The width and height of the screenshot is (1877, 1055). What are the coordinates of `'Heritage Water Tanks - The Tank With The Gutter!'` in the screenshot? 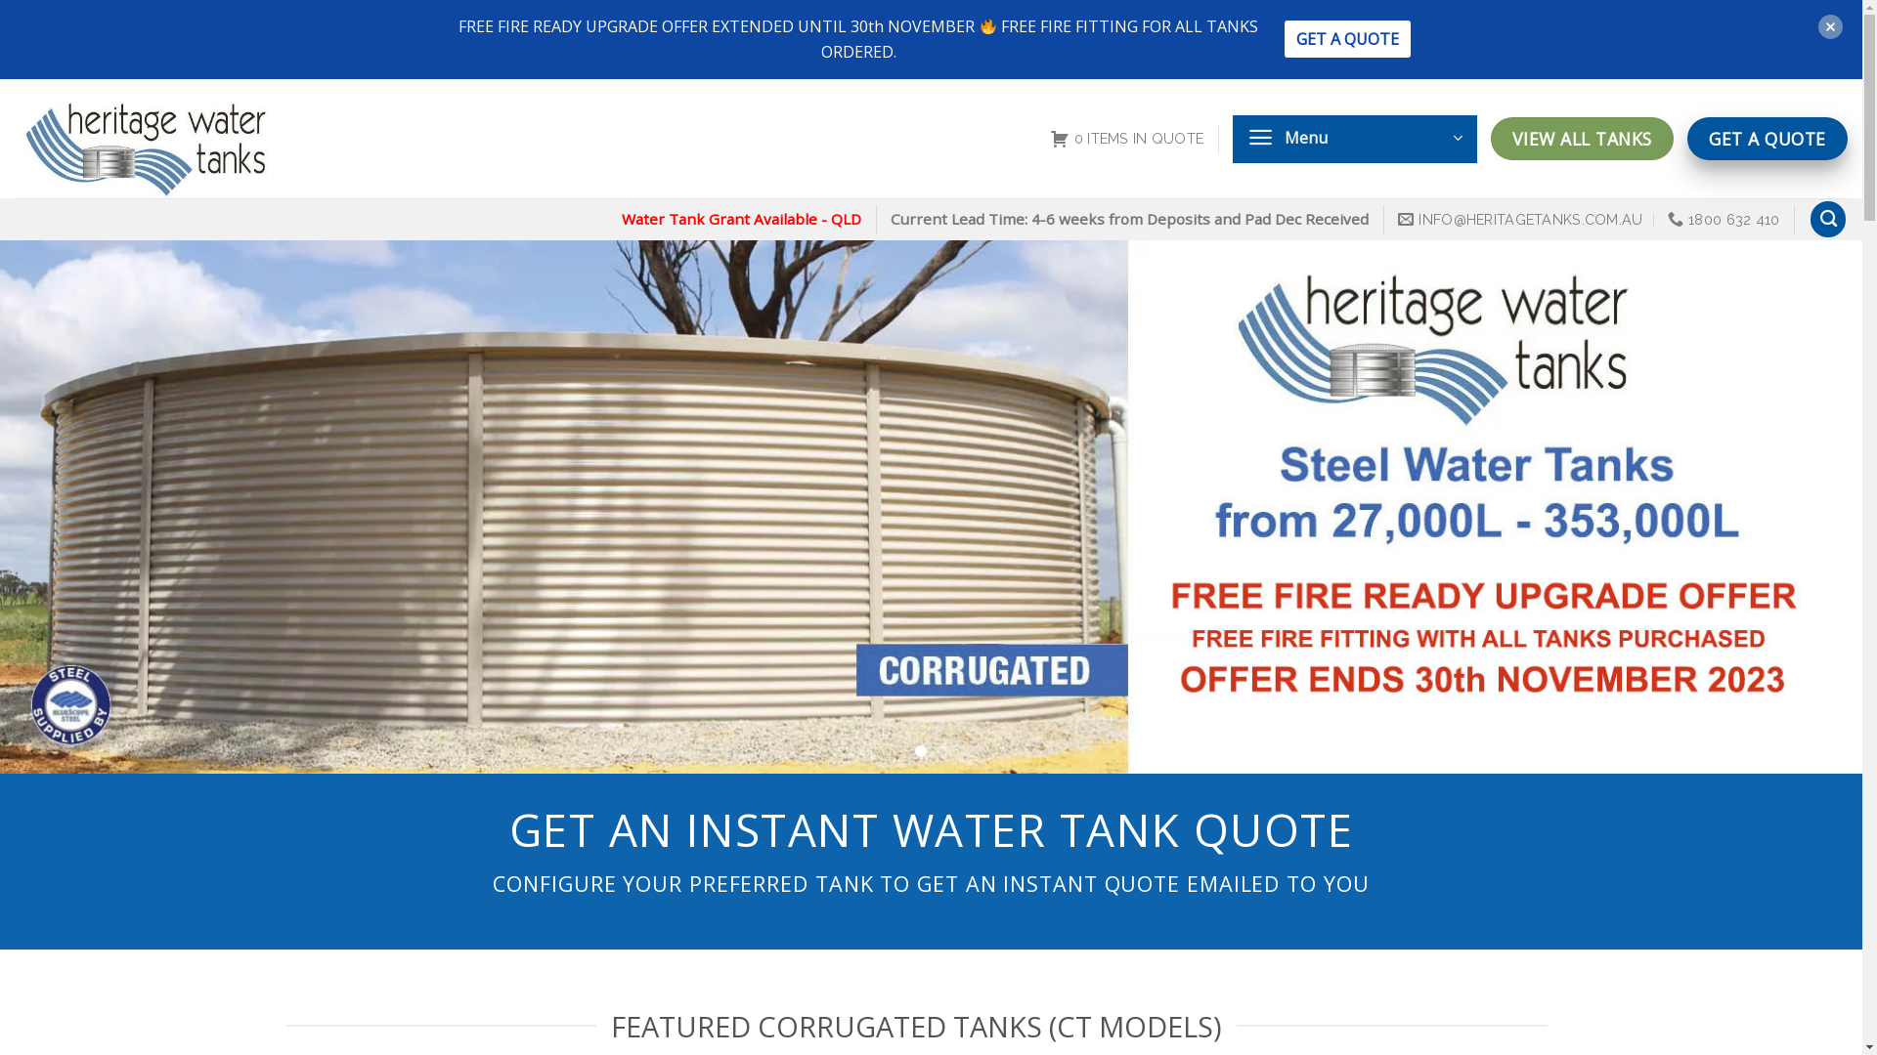 It's located at (186, 138).